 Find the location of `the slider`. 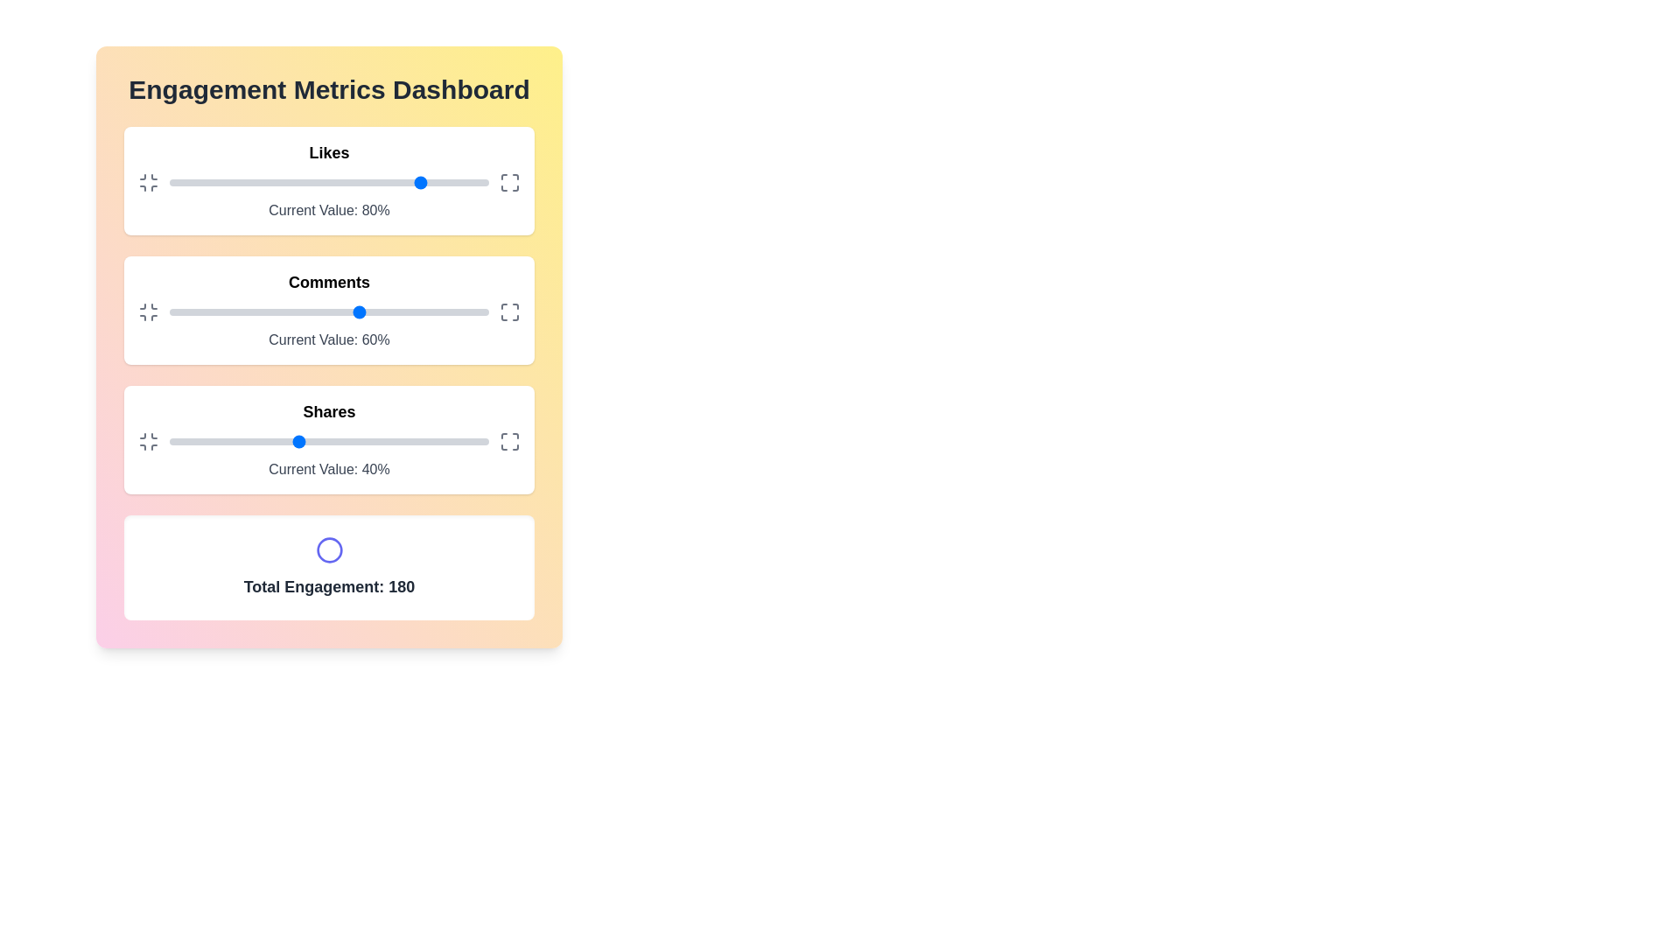

the slider is located at coordinates (270, 182).